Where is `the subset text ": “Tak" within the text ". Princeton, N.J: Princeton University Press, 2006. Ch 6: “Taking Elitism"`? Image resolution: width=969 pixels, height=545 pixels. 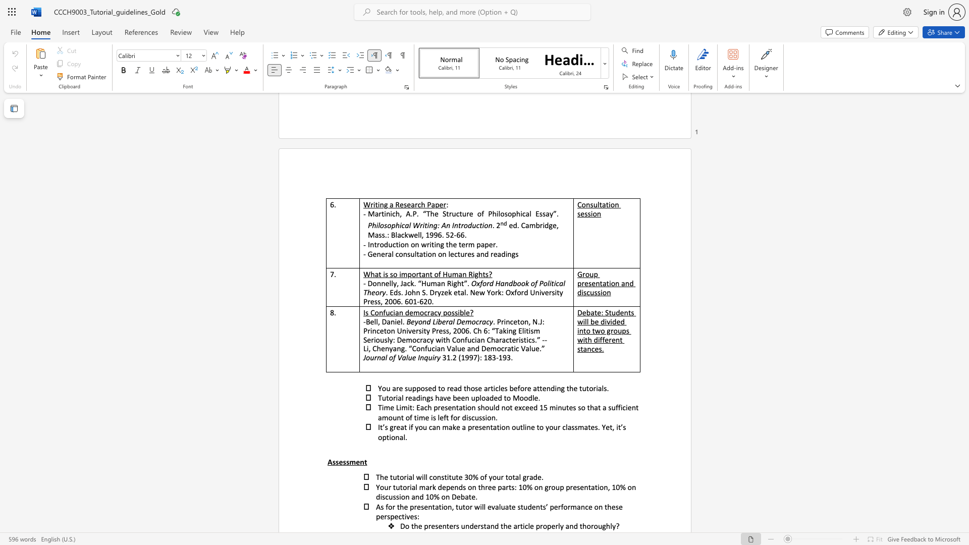
the subset text ": “Tak" within the text ". Princeton, N.J: Princeton University Press, 2006. Ch 6: “Taking Elitism" is located at coordinates (488, 331).